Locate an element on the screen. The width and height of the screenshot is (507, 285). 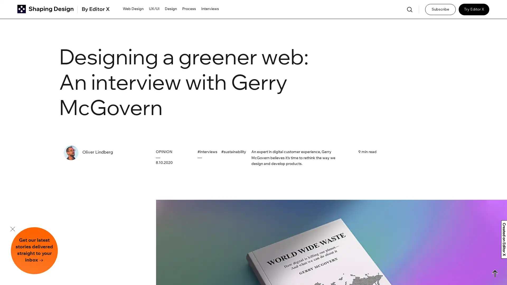
Subscribe is located at coordinates (440, 9).